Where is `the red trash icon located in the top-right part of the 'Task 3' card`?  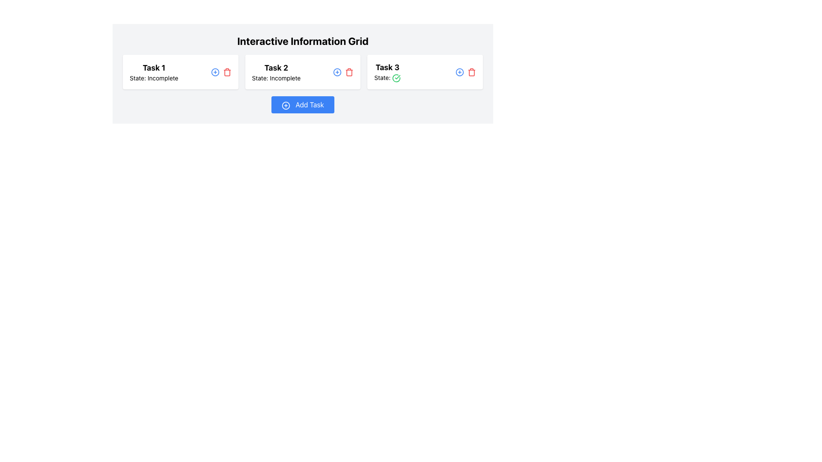 the red trash icon located in the top-right part of the 'Task 3' card is located at coordinates (465, 71).